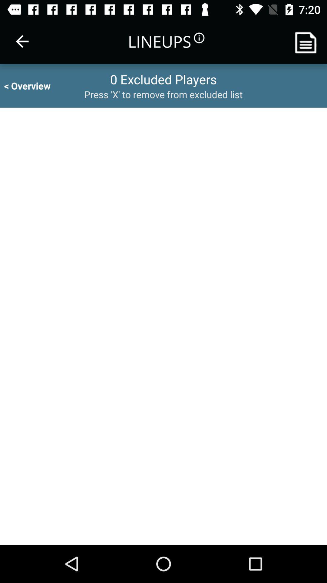 The width and height of the screenshot is (327, 583). I want to click on item next to lineups, so click(22, 41).